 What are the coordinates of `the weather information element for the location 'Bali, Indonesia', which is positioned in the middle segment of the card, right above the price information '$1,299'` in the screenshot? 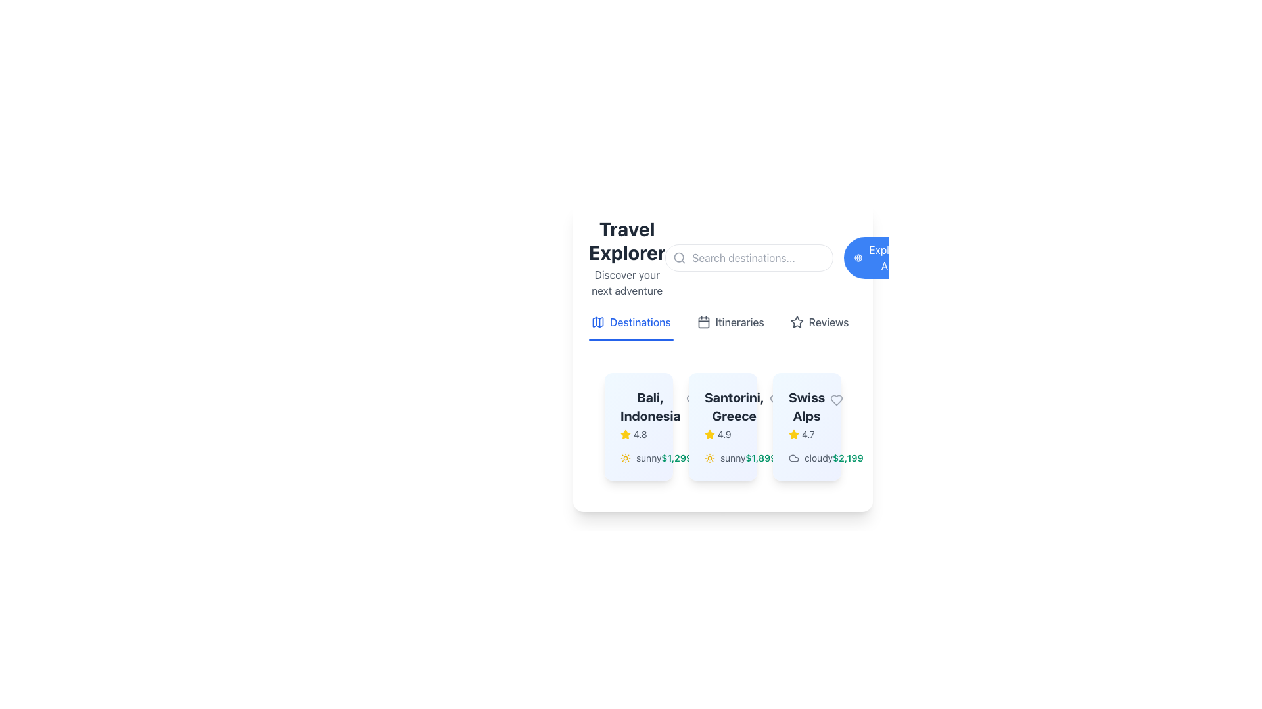 It's located at (638, 458).